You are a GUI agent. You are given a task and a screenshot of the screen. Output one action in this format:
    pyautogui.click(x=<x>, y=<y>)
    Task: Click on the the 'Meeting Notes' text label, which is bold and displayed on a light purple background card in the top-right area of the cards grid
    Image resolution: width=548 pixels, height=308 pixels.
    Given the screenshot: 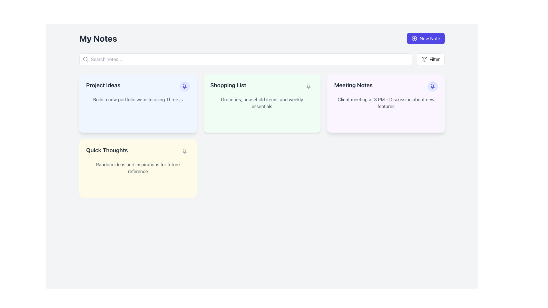 What is the action you would take?
    pyautogui.click(x=353, y=85)
    